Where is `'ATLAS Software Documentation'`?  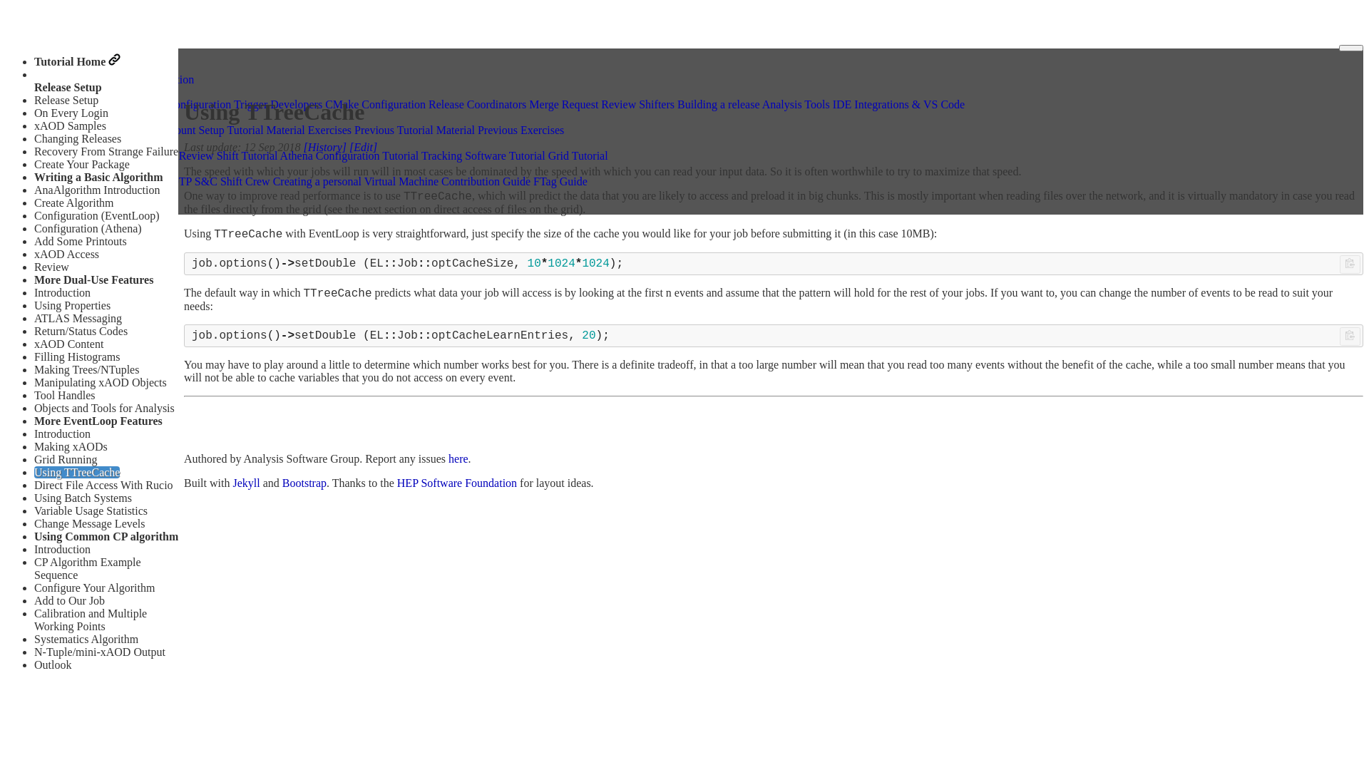
'ATLAS Software Documentation' is located at coordinates (41, 78).